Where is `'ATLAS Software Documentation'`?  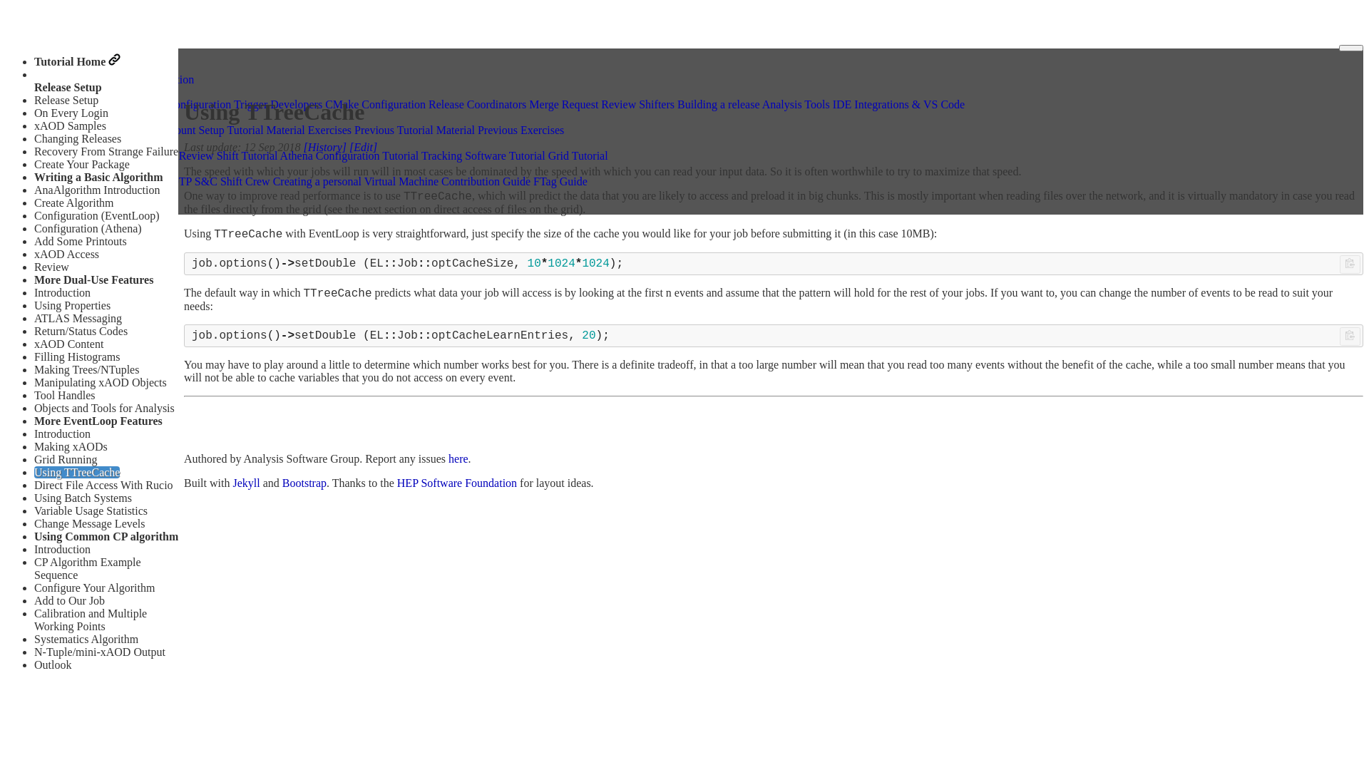
'ATLAS Software Documentation' is located at coordinates (41, 78).